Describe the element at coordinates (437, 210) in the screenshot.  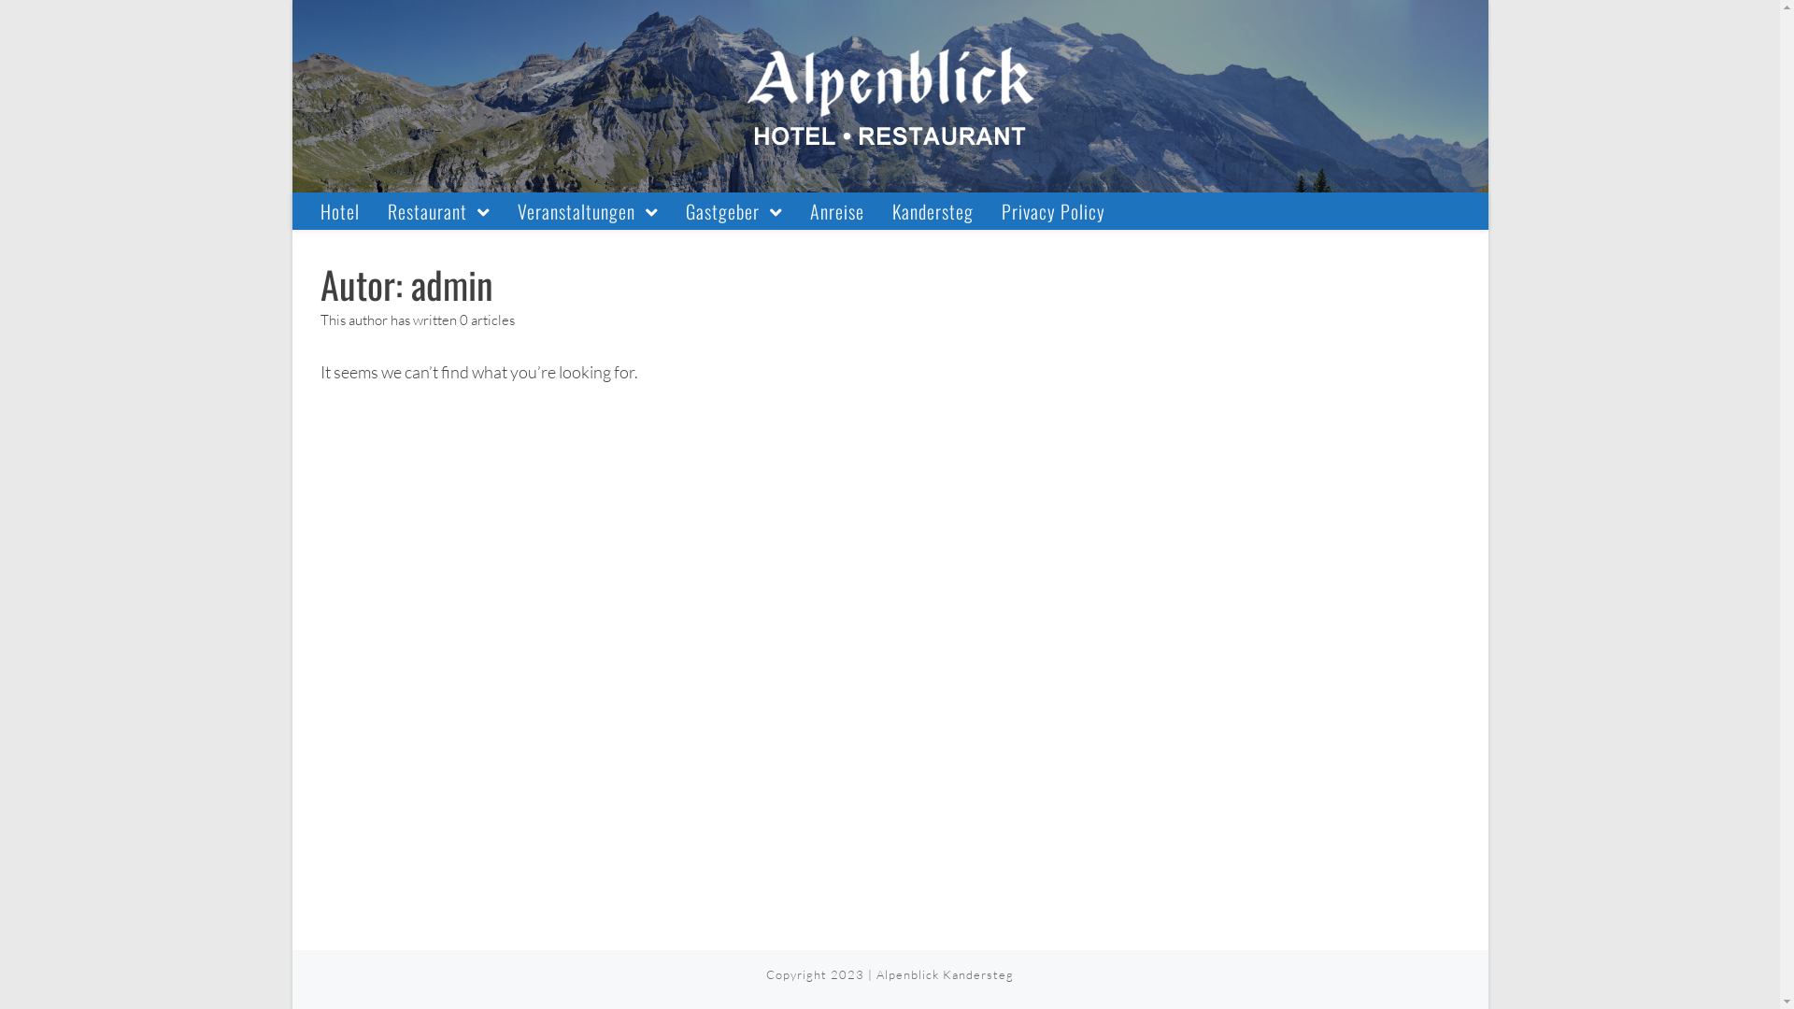
I see `'Restaurant'` at that location.